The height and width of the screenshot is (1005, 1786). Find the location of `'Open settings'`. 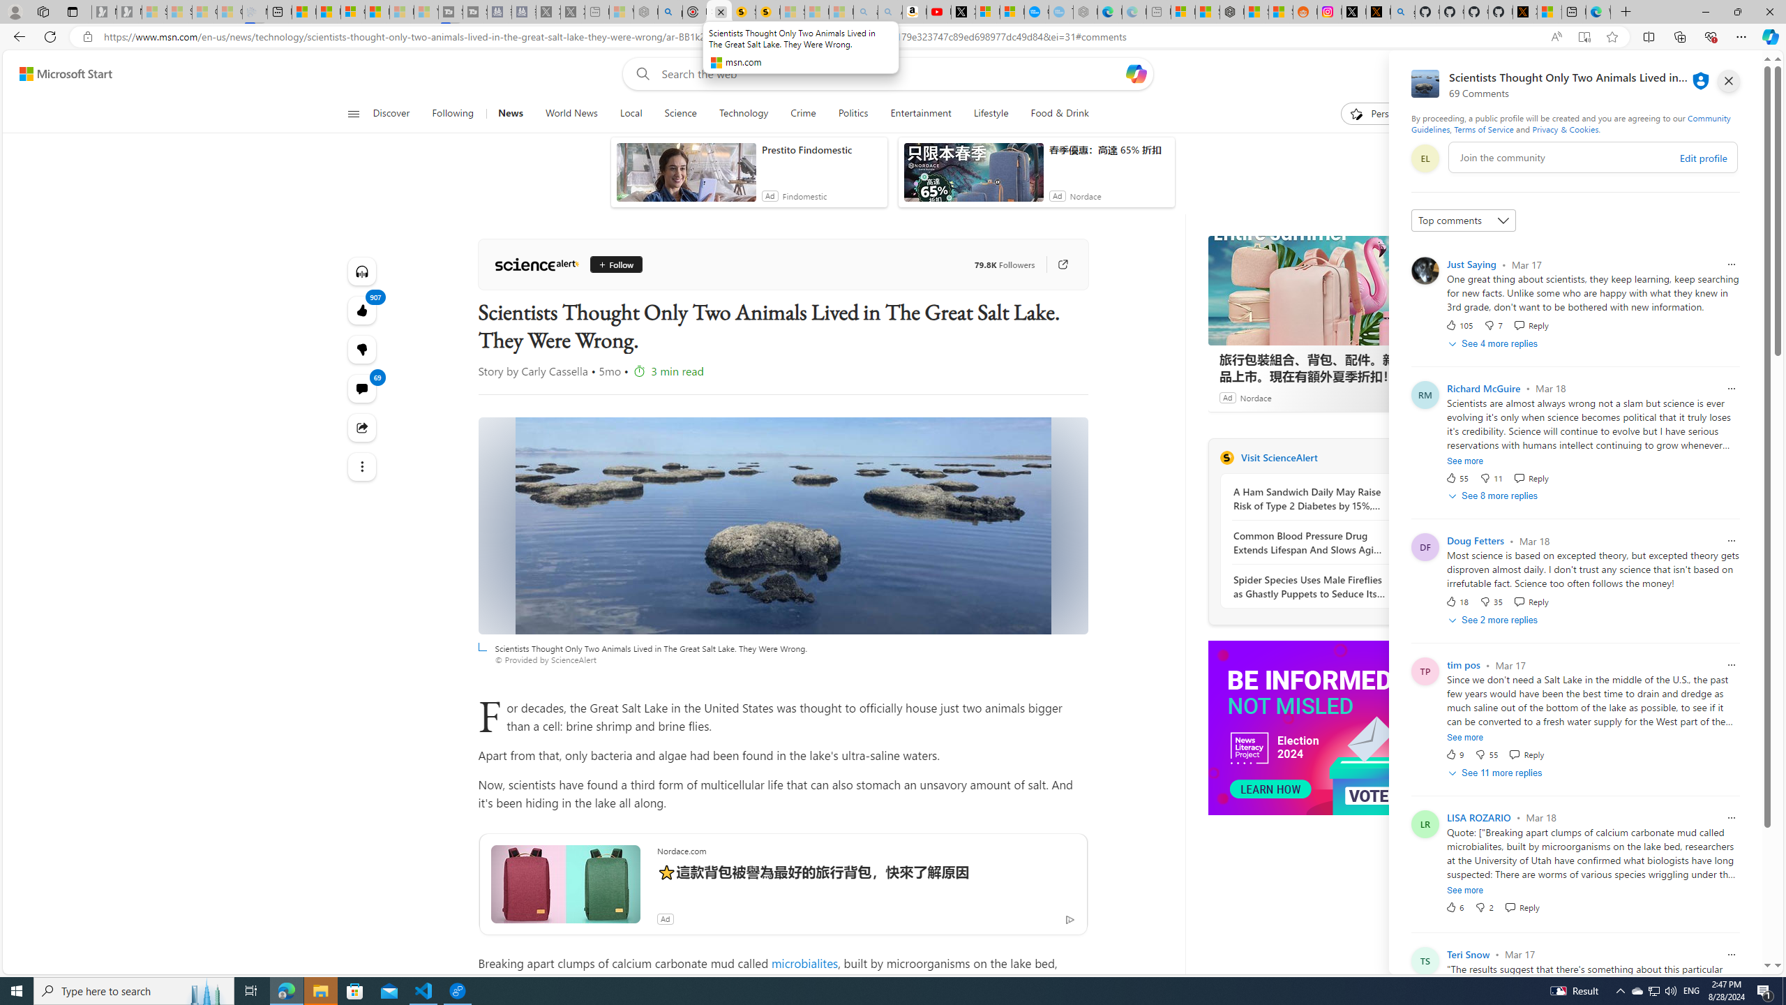

'Open settings' is located at coordinates (1741, 74).